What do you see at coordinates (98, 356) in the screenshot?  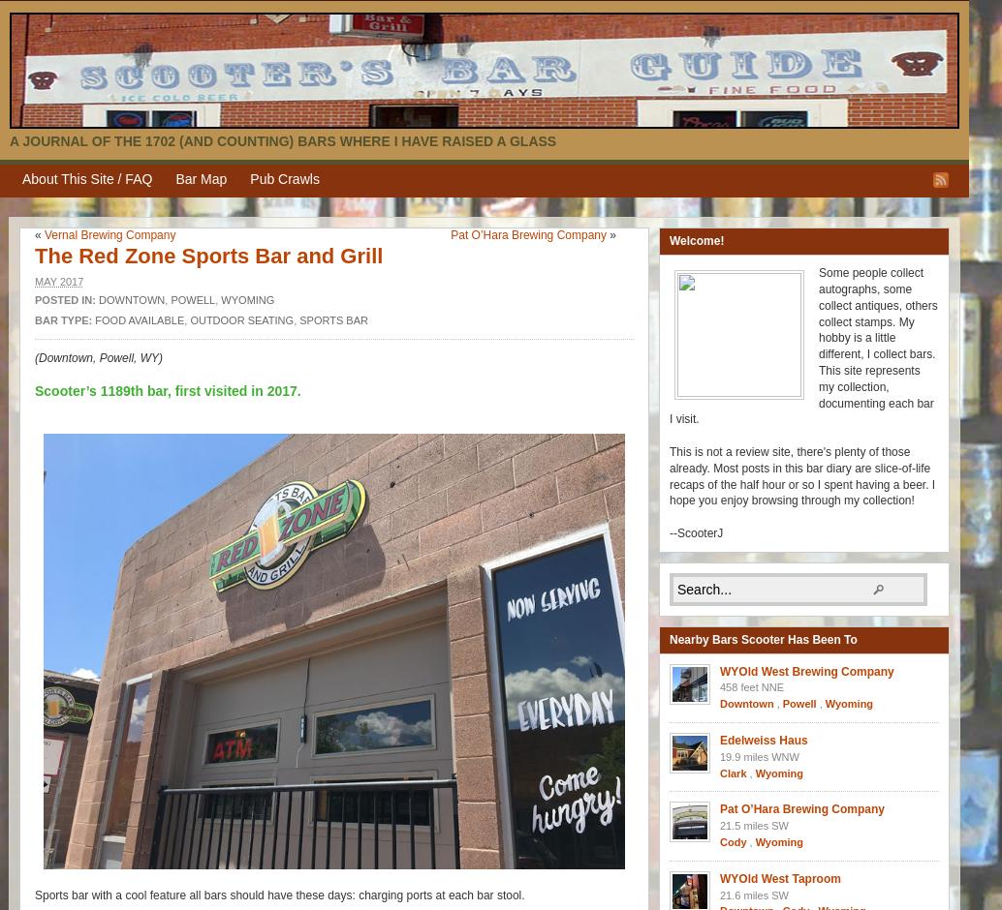 I see `'(Downtown, Powell, WY)'` at bounding box center [98, 356].